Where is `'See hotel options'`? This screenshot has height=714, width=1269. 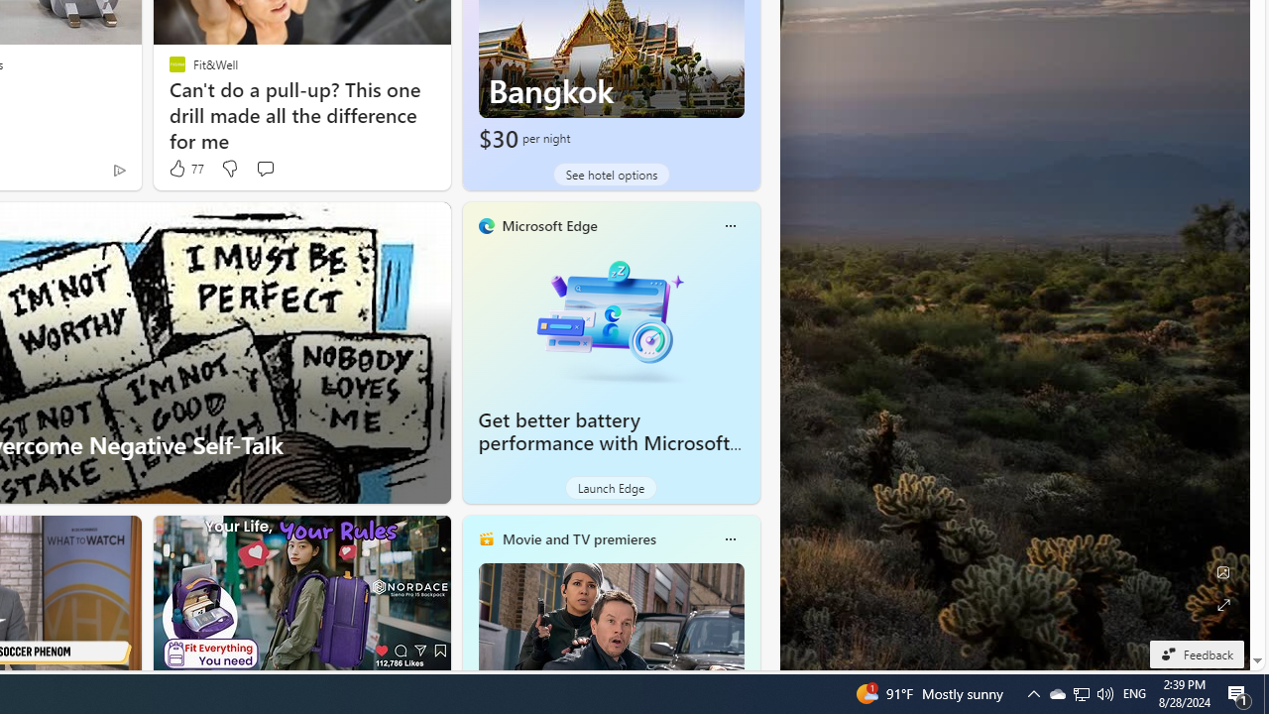
'See hotel options' is located at coordinates (610, 174).